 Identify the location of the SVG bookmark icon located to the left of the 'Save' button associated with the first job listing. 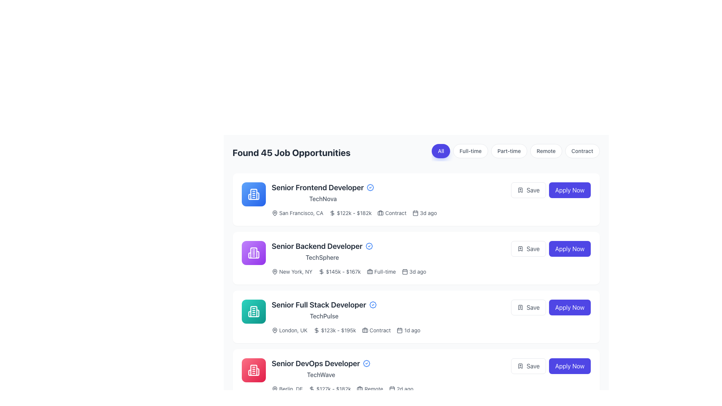
(520, 189).